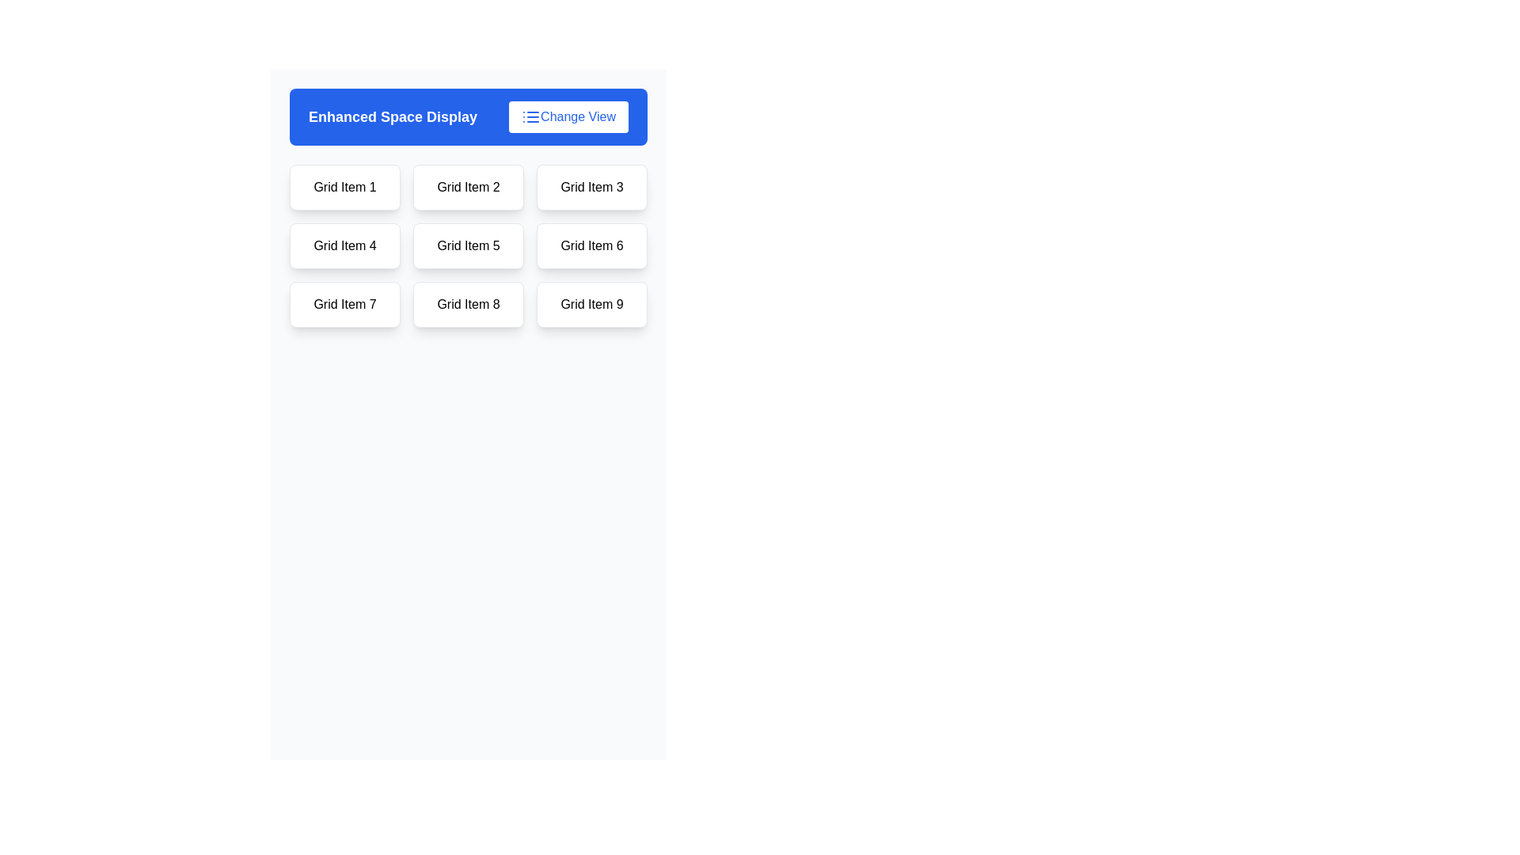 The image size is (1520, 855). I want to click on the rectangular grid item with rounded corners containing the text 'Grid Item 8', so click(467, 305).